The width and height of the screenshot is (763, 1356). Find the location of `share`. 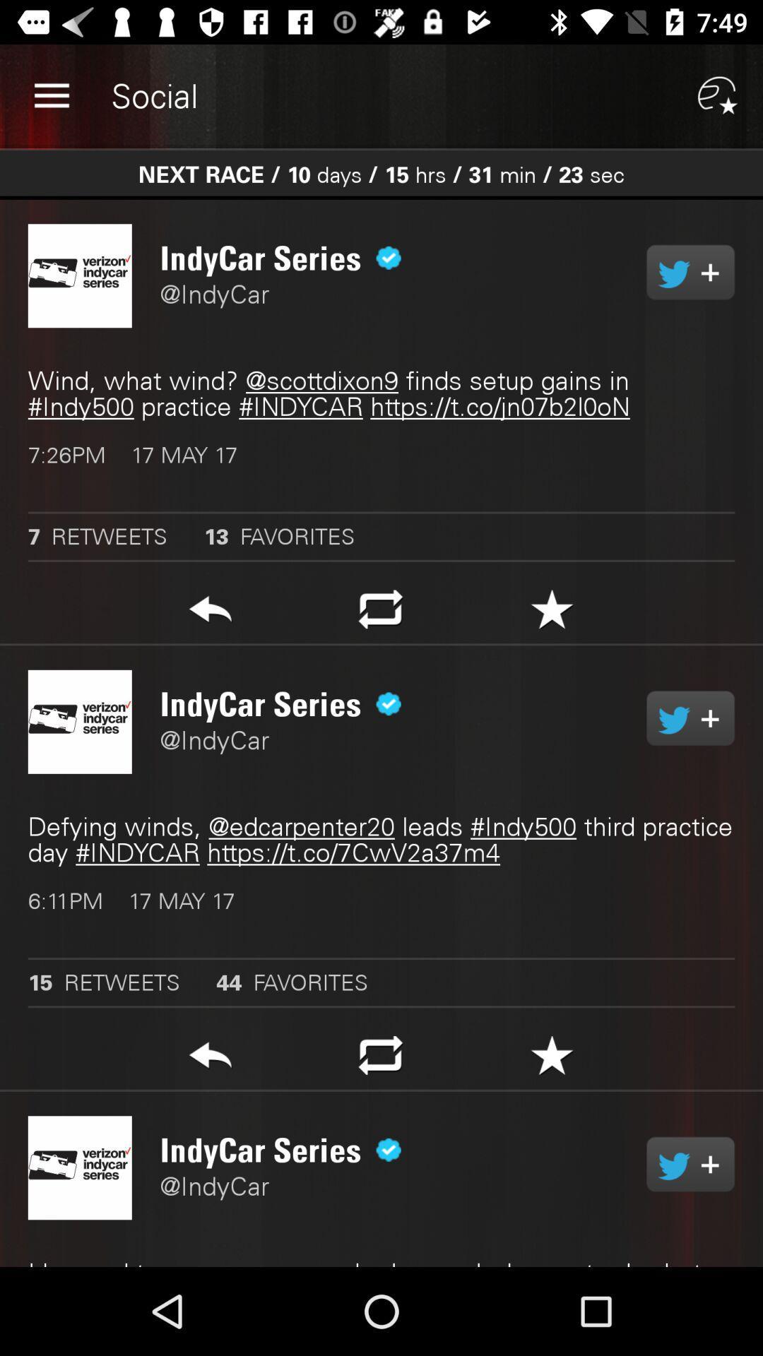

share is located at coordinates (690, 718).